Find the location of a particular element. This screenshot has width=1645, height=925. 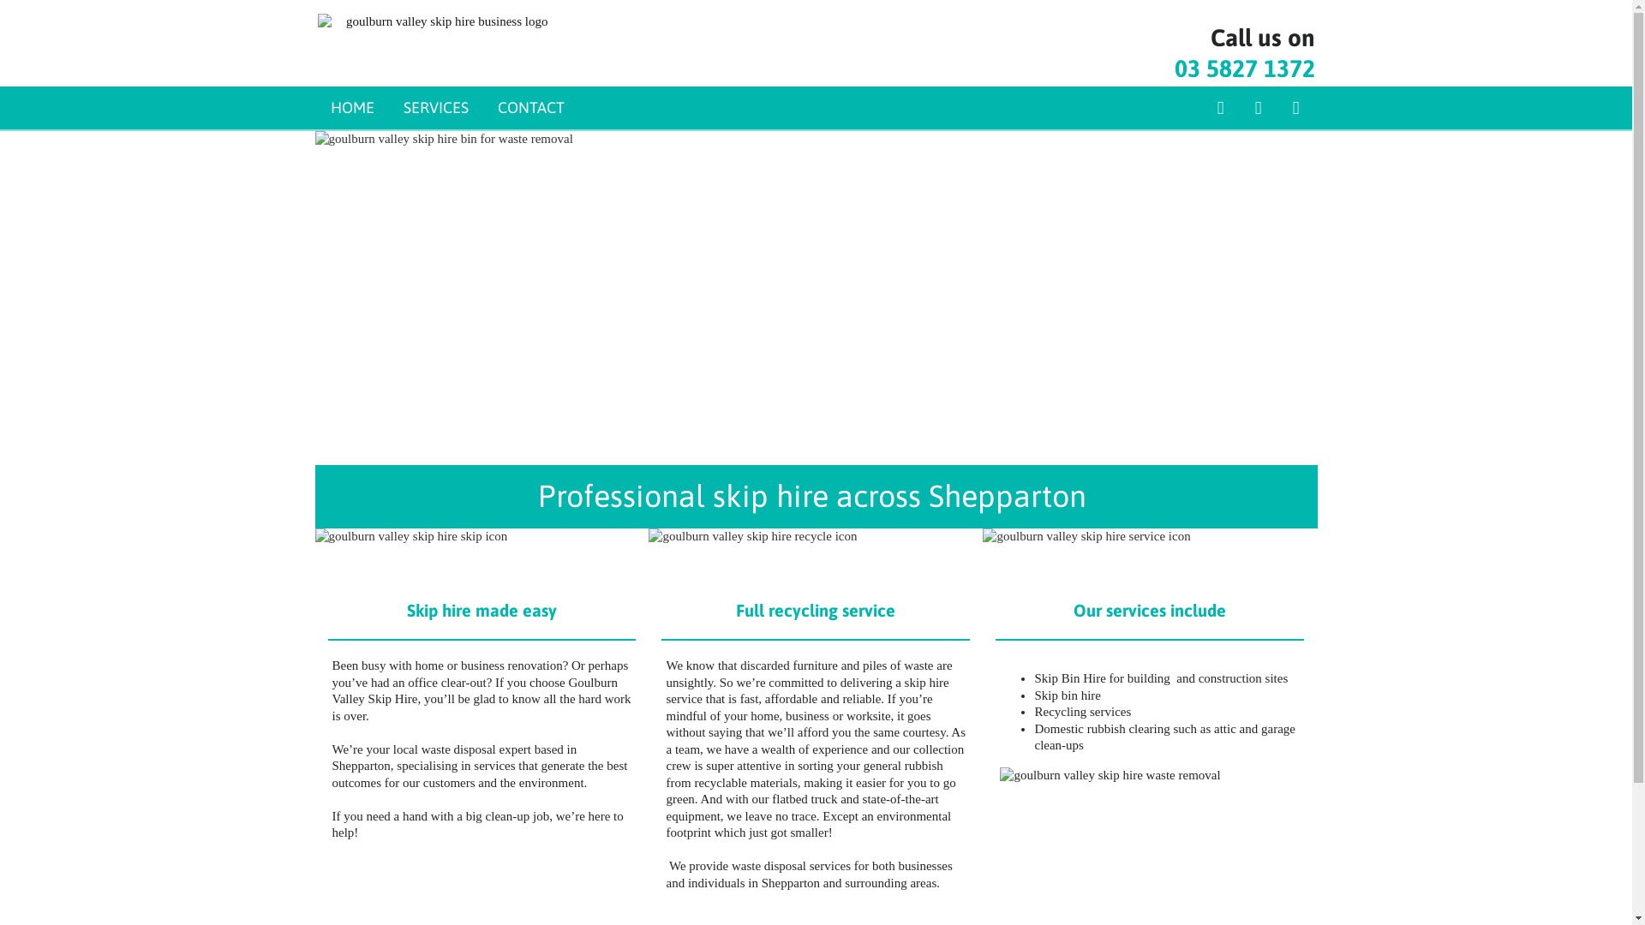

'HOME' is located at coordinates (351, 108).